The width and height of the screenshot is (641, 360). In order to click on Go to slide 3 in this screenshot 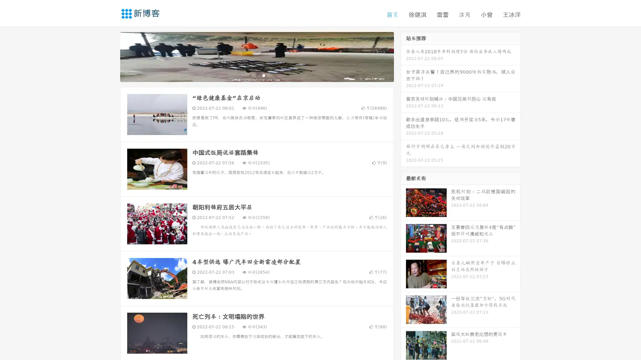, I will do `click(263, 75)`.